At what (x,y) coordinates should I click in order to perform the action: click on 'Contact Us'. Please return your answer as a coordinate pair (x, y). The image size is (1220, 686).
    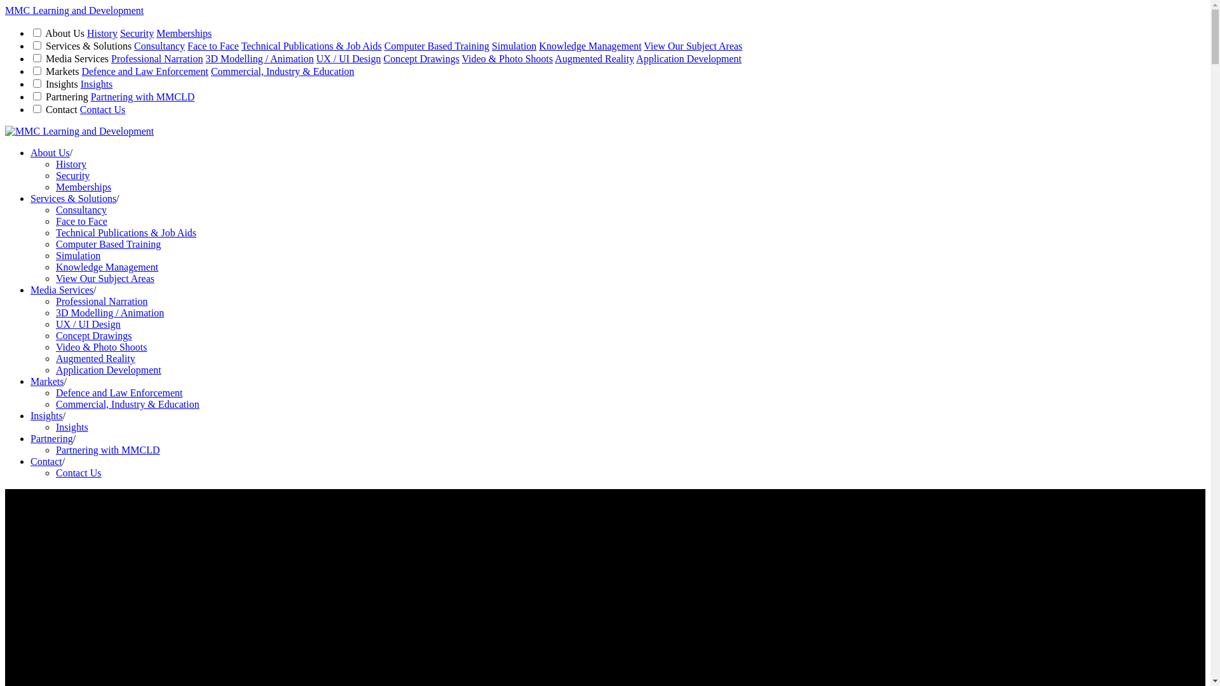
    Looking at the image, I should click on (79, 109).